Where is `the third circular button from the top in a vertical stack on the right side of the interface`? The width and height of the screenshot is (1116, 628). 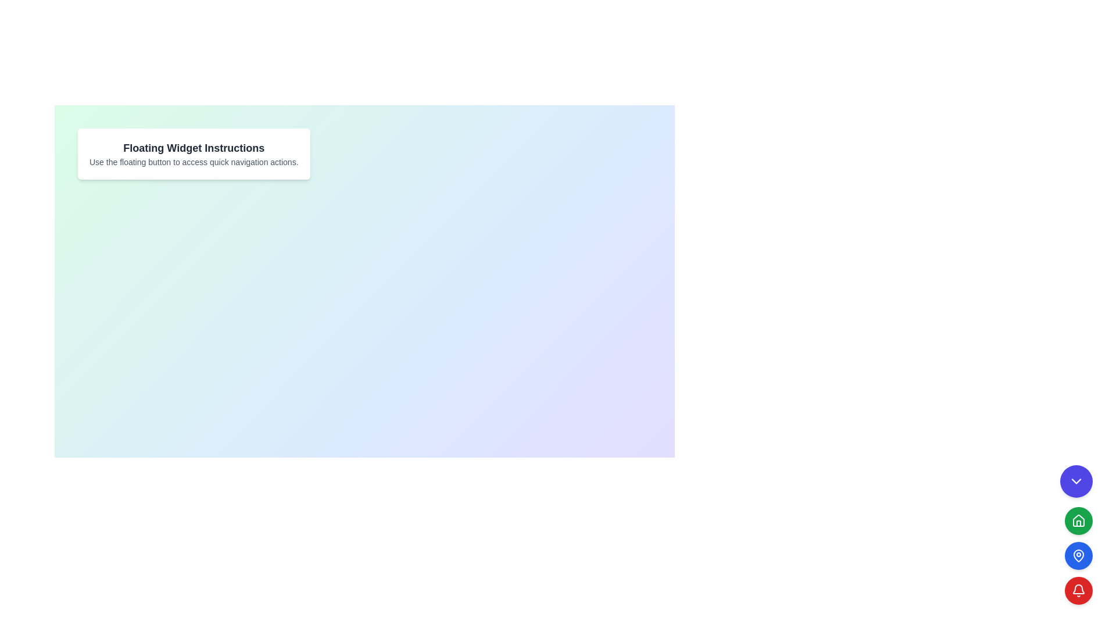
the third circular button from the top in a vertical stack on the right side of the interface is located at coordinates (1078, 555).